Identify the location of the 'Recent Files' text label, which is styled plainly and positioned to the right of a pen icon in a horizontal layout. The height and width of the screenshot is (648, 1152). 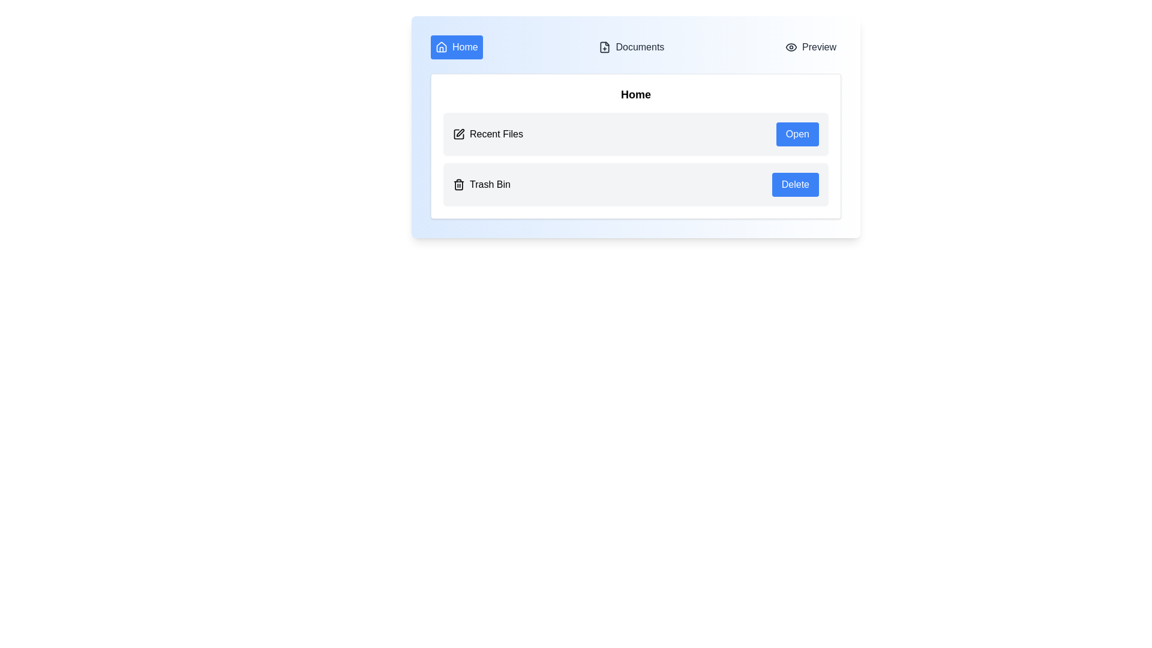
(496, 134).